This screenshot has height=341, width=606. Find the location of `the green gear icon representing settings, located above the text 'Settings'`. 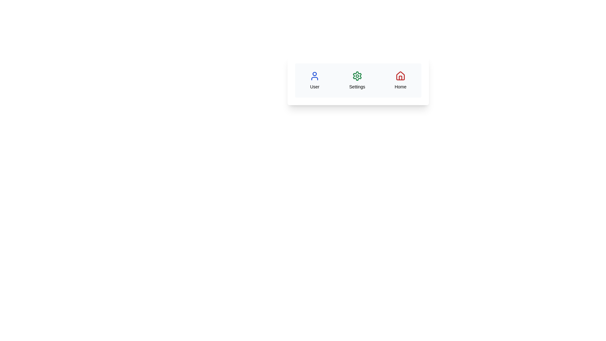

the green gear icon representing settings, located above the text 'Settings' is located at coordinates (357, 75).